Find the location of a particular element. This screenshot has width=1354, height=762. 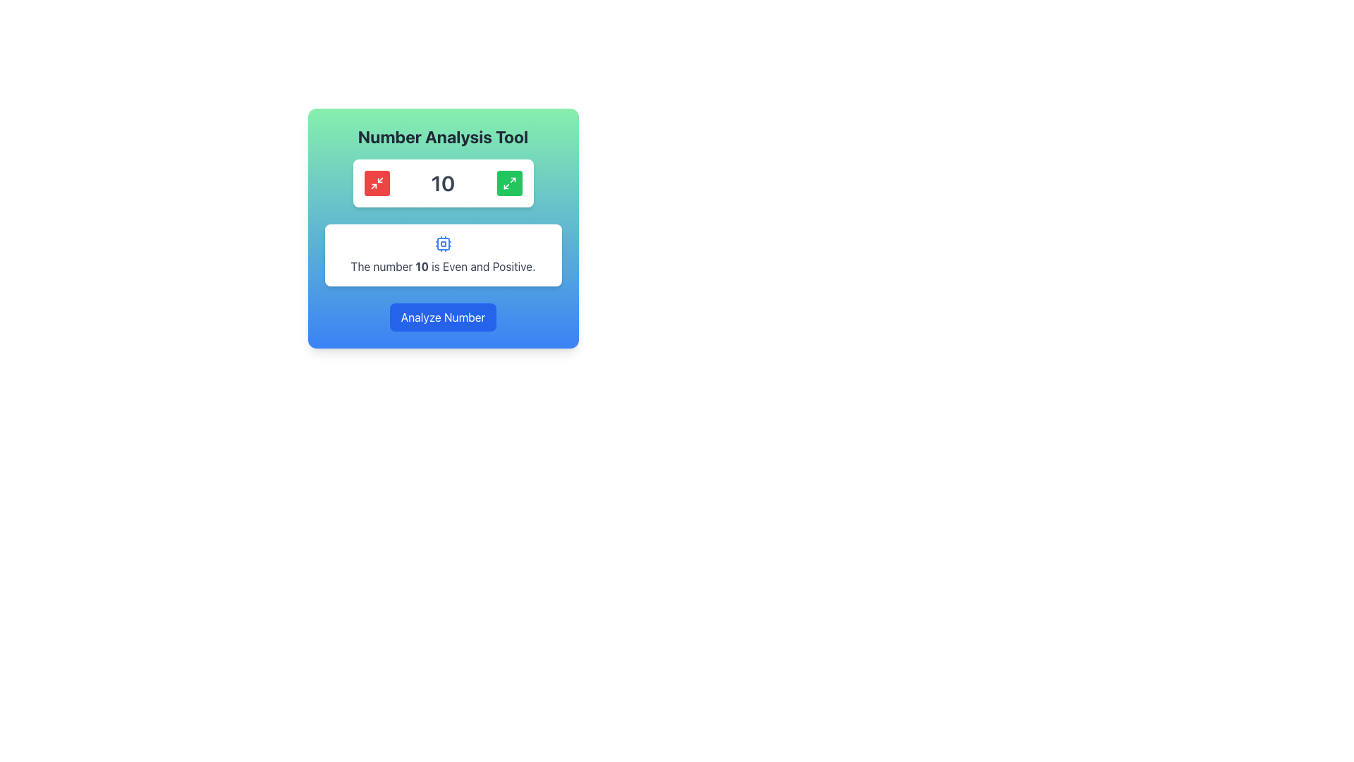

the button located to the right of the number 10, which is part of the green button group at the top center of the main tool, to maximize its functionality is located at coordinates (508, 182).